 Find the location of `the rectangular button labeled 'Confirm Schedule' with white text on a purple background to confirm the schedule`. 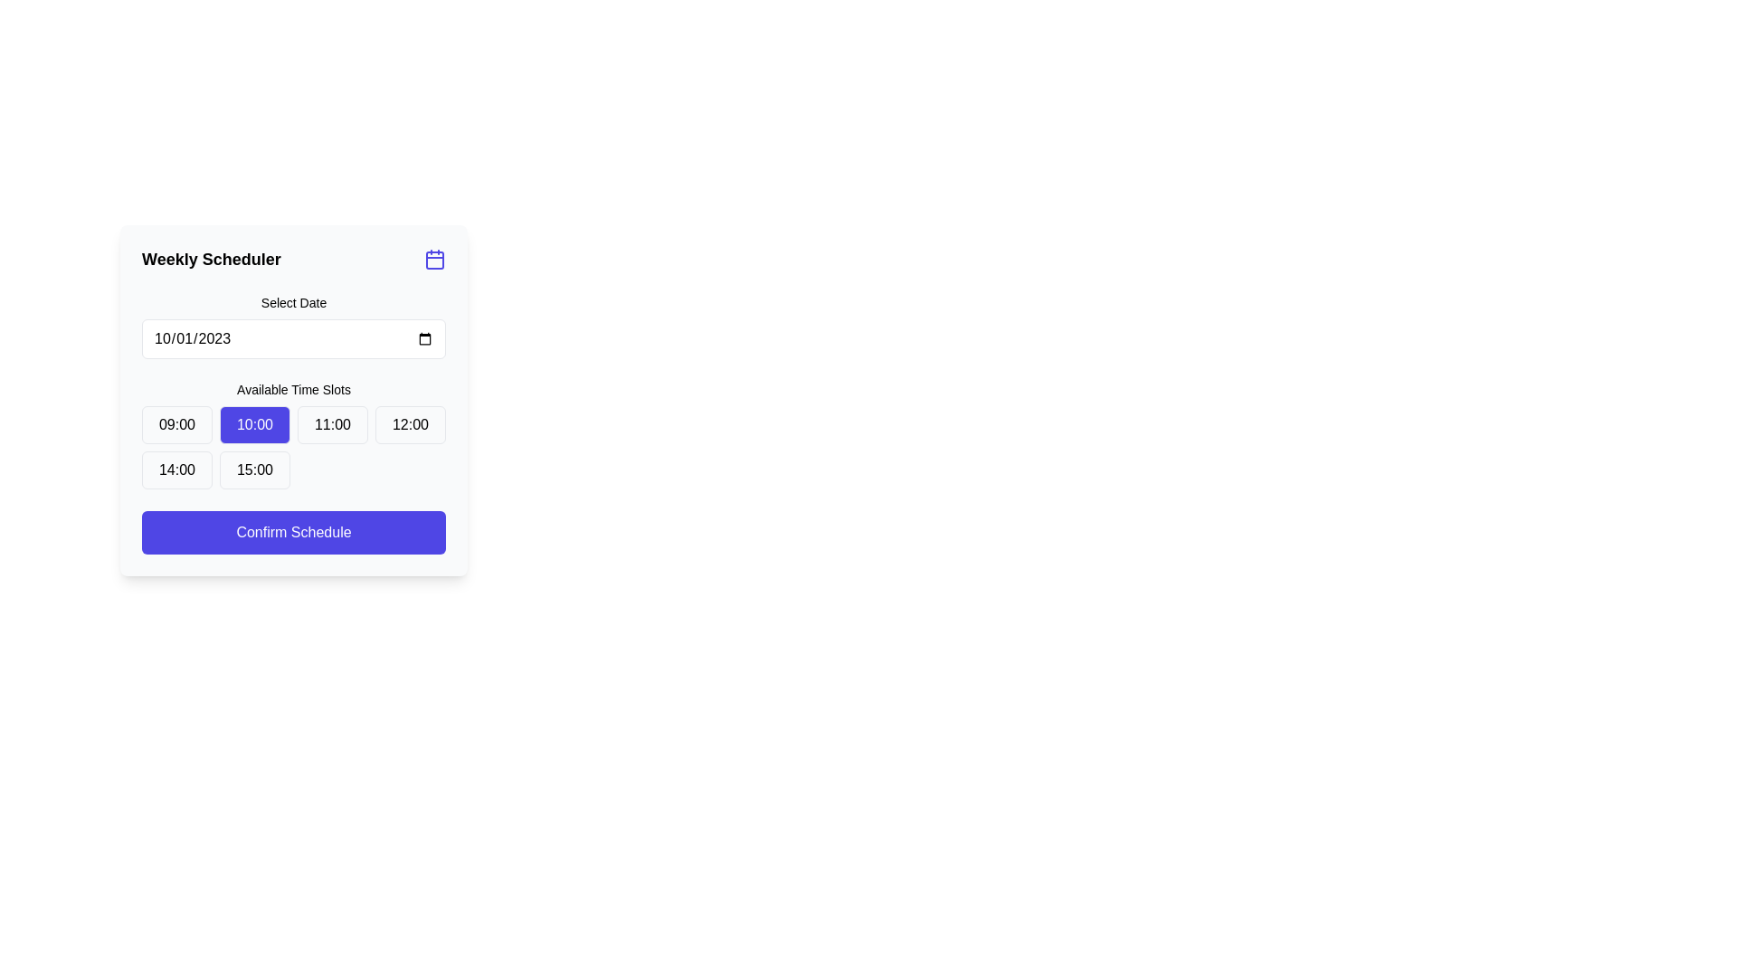

the rectangular button labeled 'Confirm Schedule' with white text on a purple background to confirm the schedule is located at coordinates (294, 532).